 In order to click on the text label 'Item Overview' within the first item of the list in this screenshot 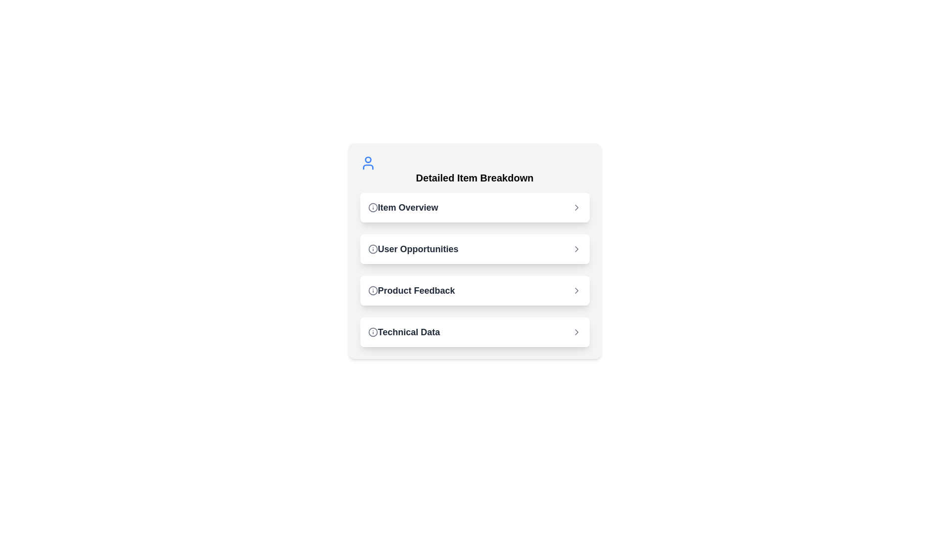, I will do `click(403, 207)`.